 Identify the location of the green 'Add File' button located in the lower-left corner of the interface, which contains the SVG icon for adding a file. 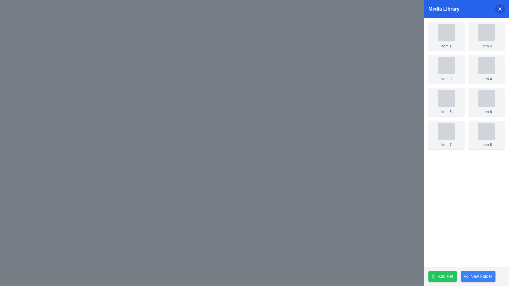
(434, 276).